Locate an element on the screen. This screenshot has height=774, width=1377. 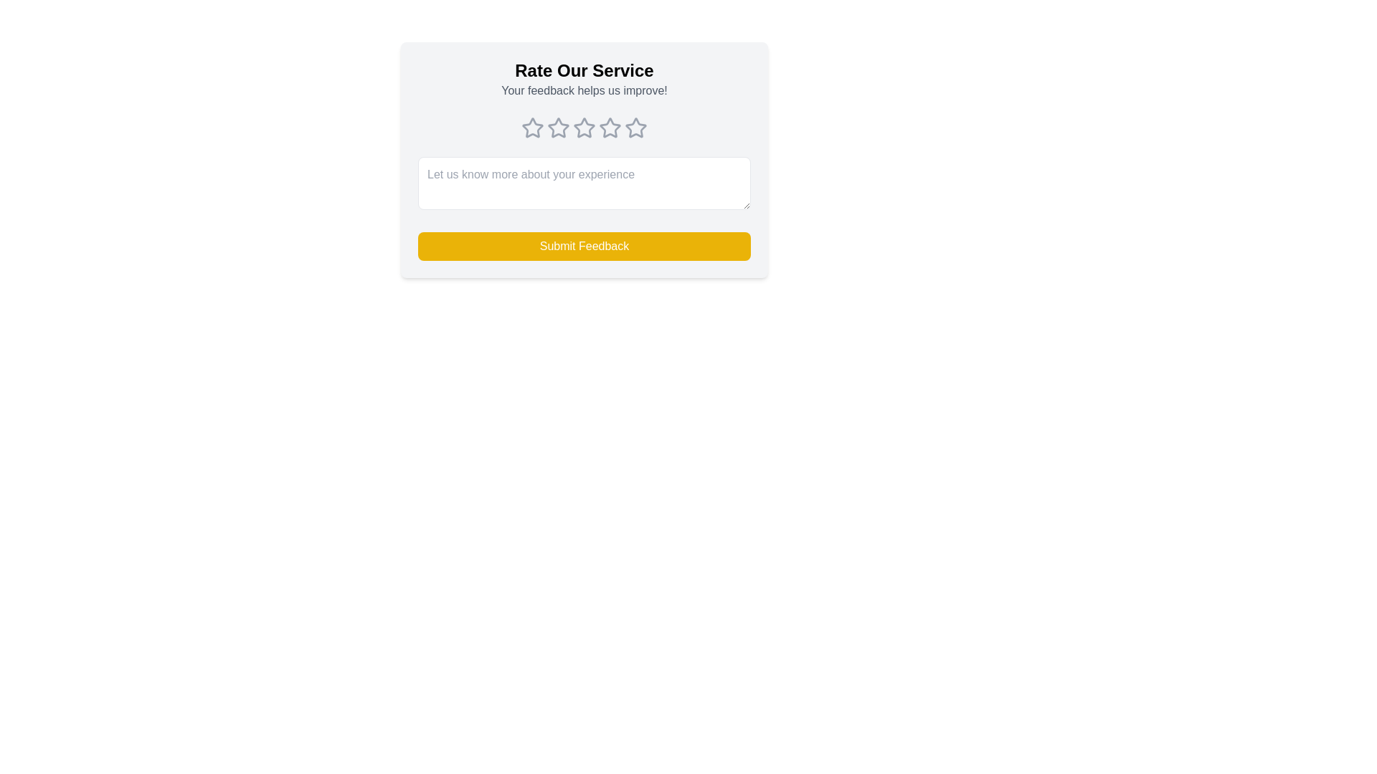
the second star in the 5-star rating system is located at coordinates (557, 127).